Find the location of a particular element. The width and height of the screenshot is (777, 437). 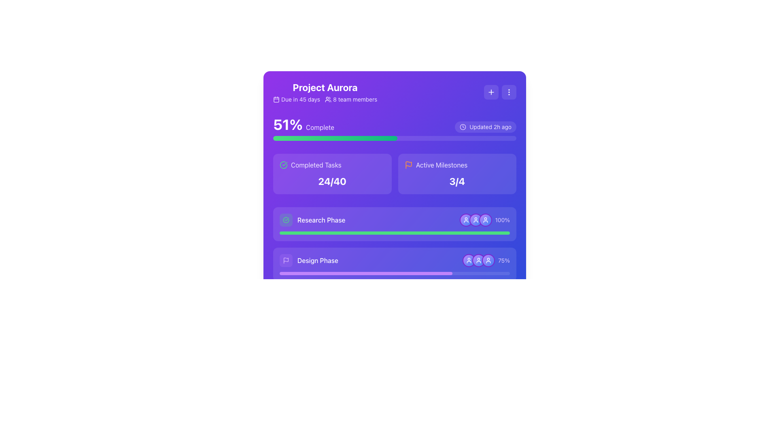

the progress bar that visually represents the completion percentage of a task, located below the '51%' label and above the text 'Complete' and 'Updated 2h ago' is located at coordinates (395, 138).